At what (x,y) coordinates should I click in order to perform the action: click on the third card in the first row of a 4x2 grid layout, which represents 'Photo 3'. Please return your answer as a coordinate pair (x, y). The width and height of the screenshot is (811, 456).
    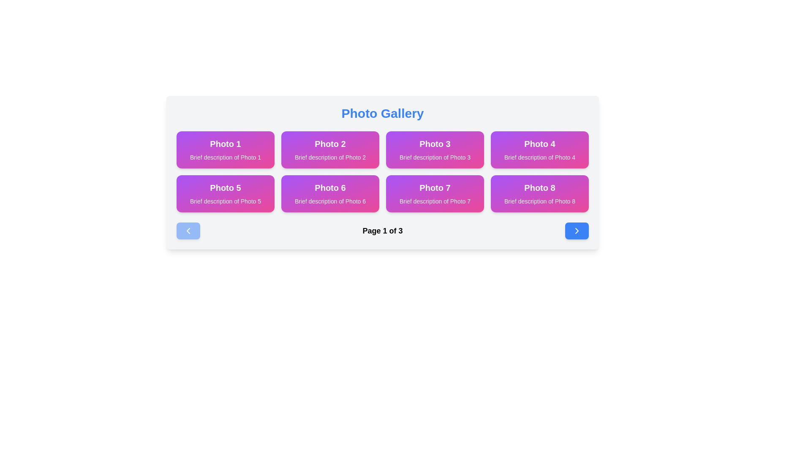
    Looking at the image, I should click on (435, 149).